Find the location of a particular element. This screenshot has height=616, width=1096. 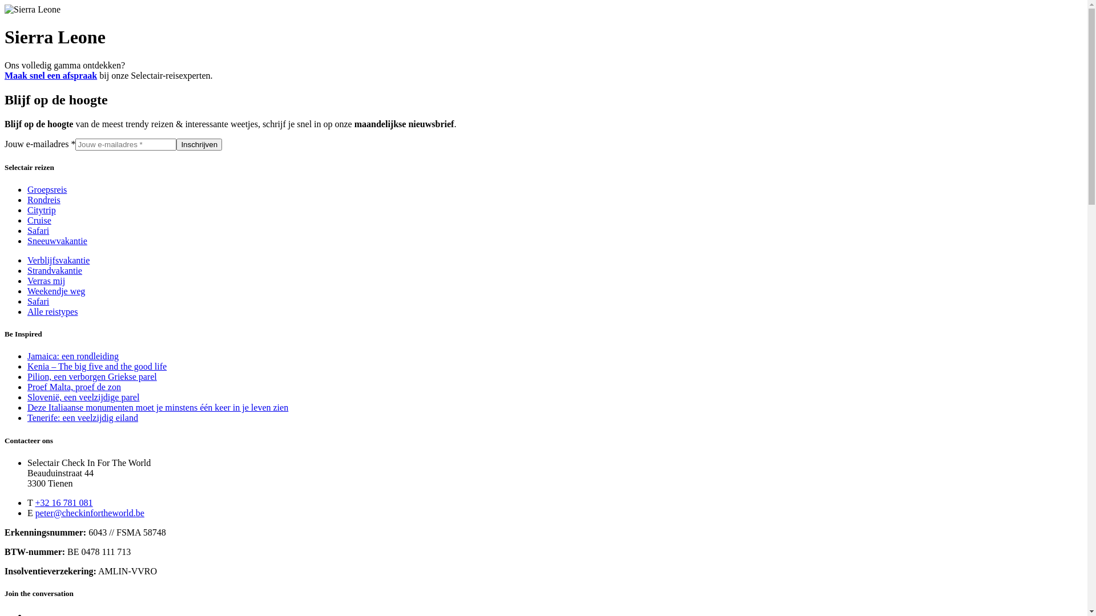

'Sneeuwvakantie' is located at coordinates (57, 240).